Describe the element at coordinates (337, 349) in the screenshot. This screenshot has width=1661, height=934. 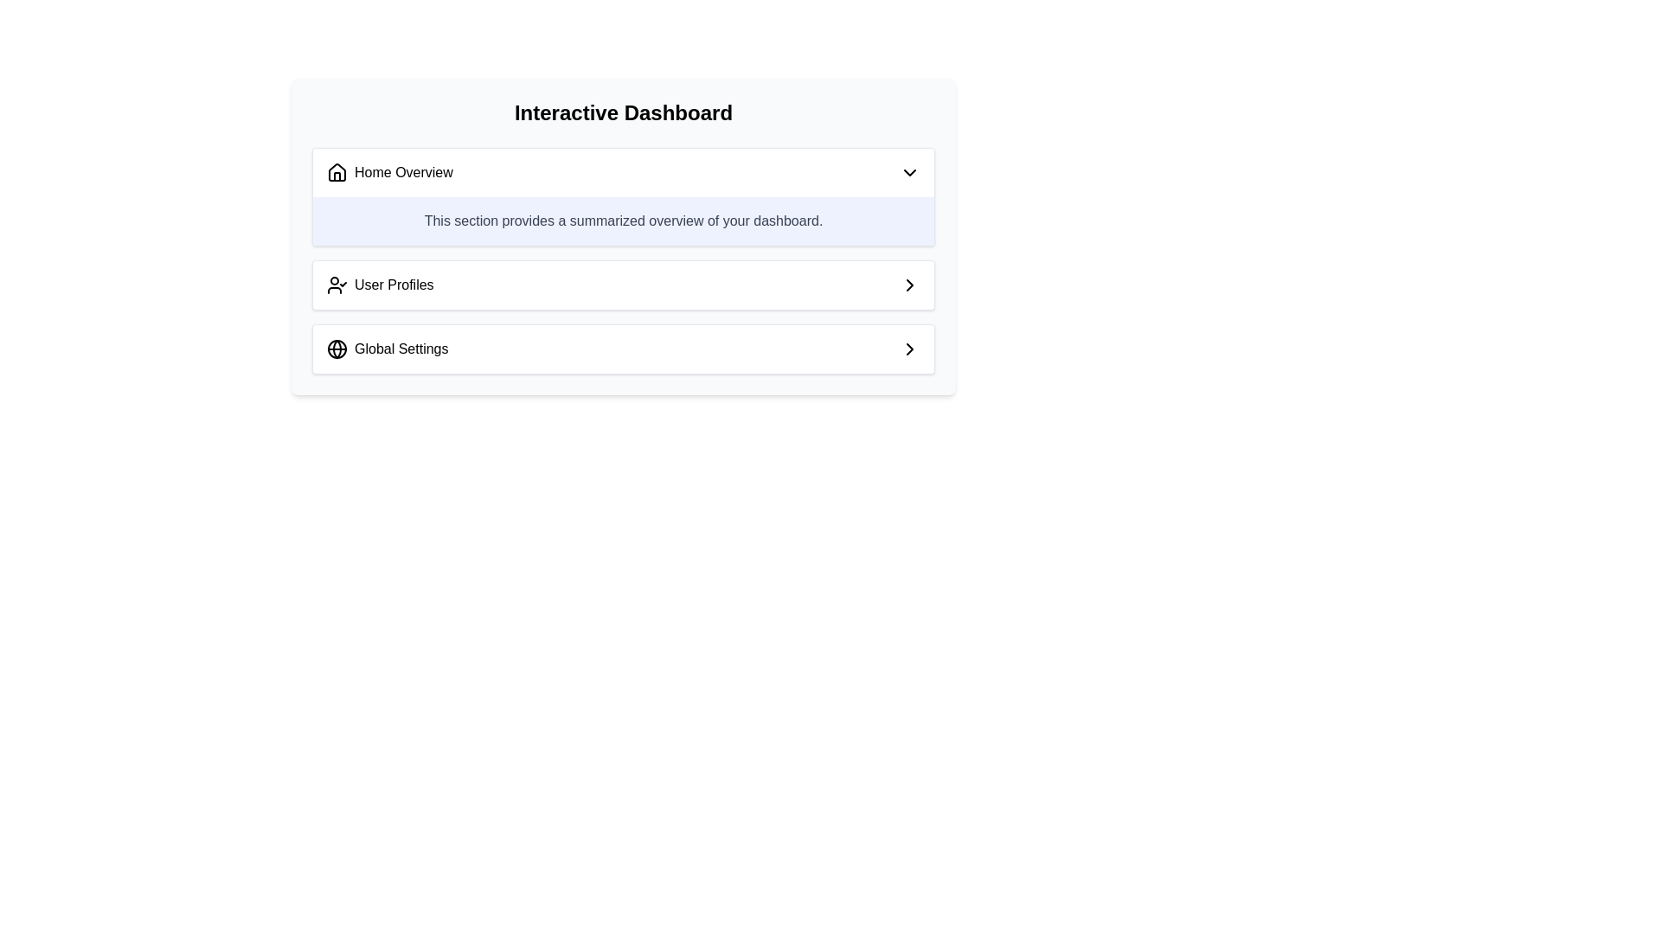
I see `the circular SVG graphic element representing a globe icon located in the 'Global Settings' section at the bottom of the interface` at that location.